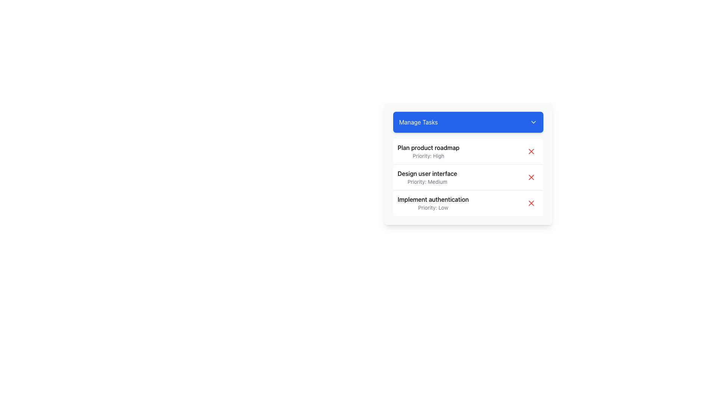  What do you see at coordinates (468, 177) in the screenshot?
I see `the second task entry in the task management interface to perform further actions` at bounding box center [468, 177].